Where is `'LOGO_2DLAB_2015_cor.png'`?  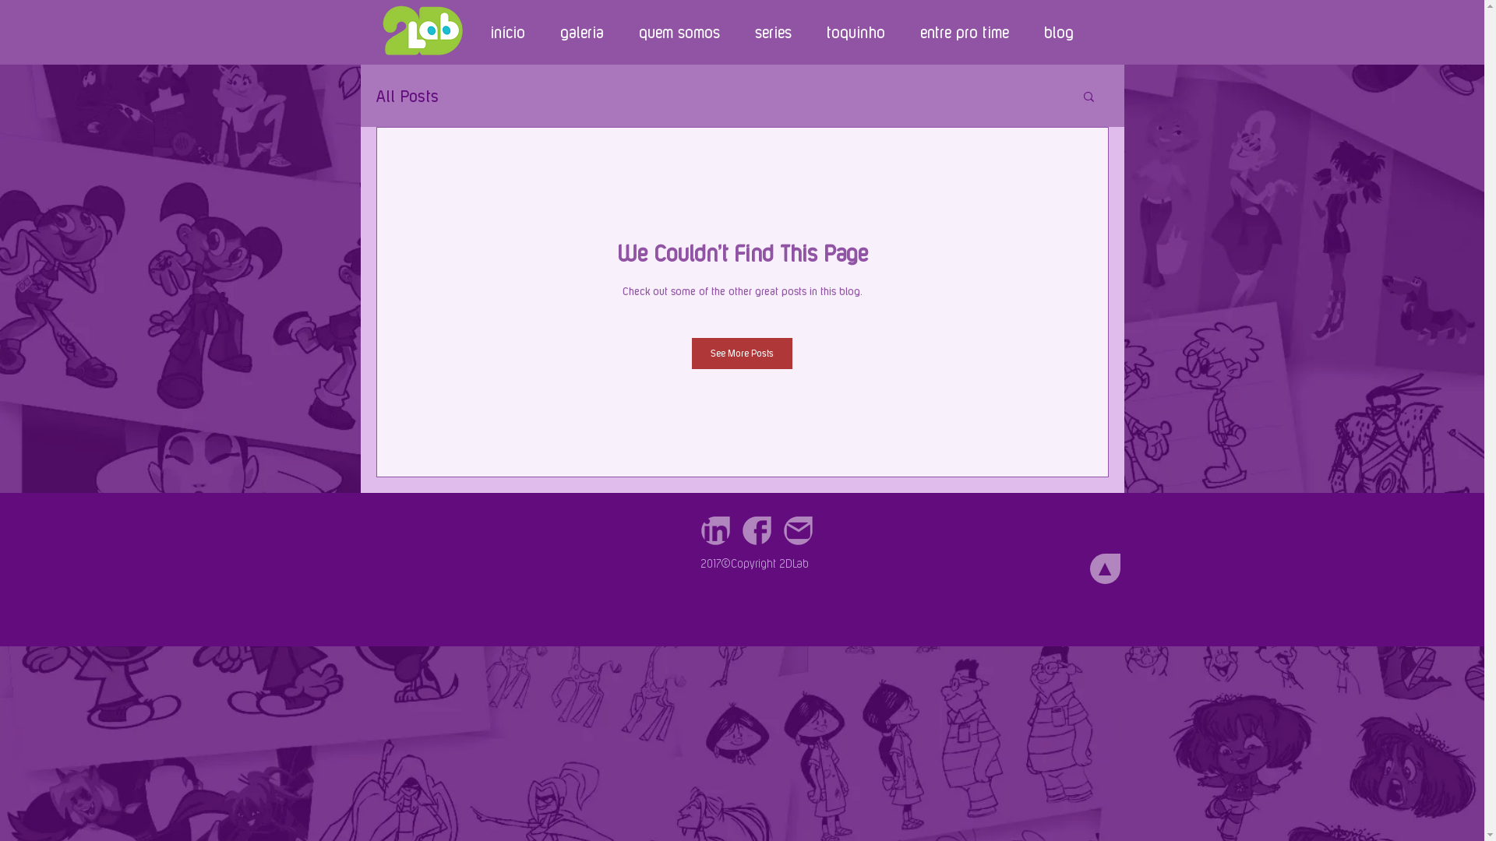
'LOGO_2DLAB_2015_cor.png' is located at coordinates (422, 30).